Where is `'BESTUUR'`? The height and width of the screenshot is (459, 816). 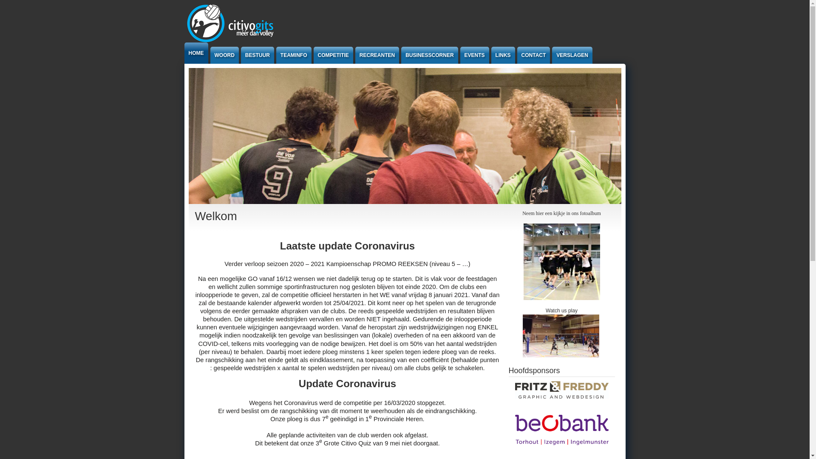 'BESTUUR' is located at coordinates (240, 55).